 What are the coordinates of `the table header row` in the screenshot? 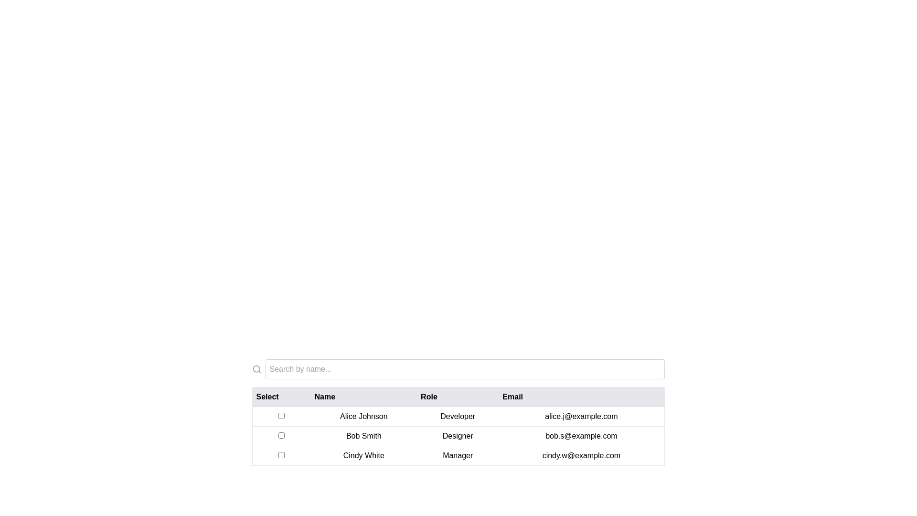 It's located at (458, 397).